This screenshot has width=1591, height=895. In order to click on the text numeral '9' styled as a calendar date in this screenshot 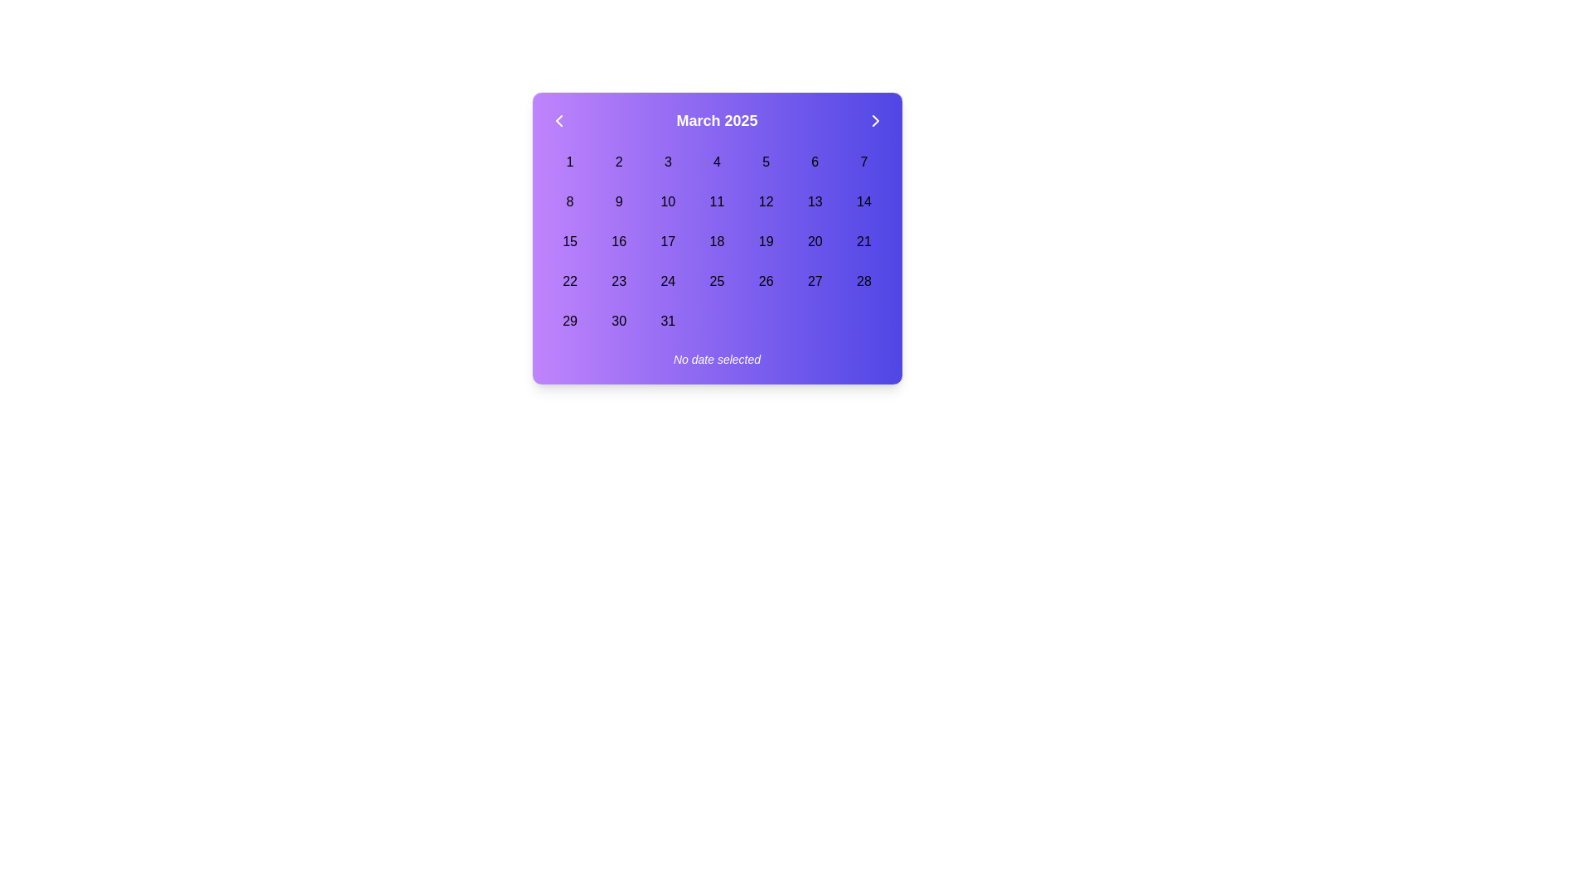, I will do `click(618, 201)`.